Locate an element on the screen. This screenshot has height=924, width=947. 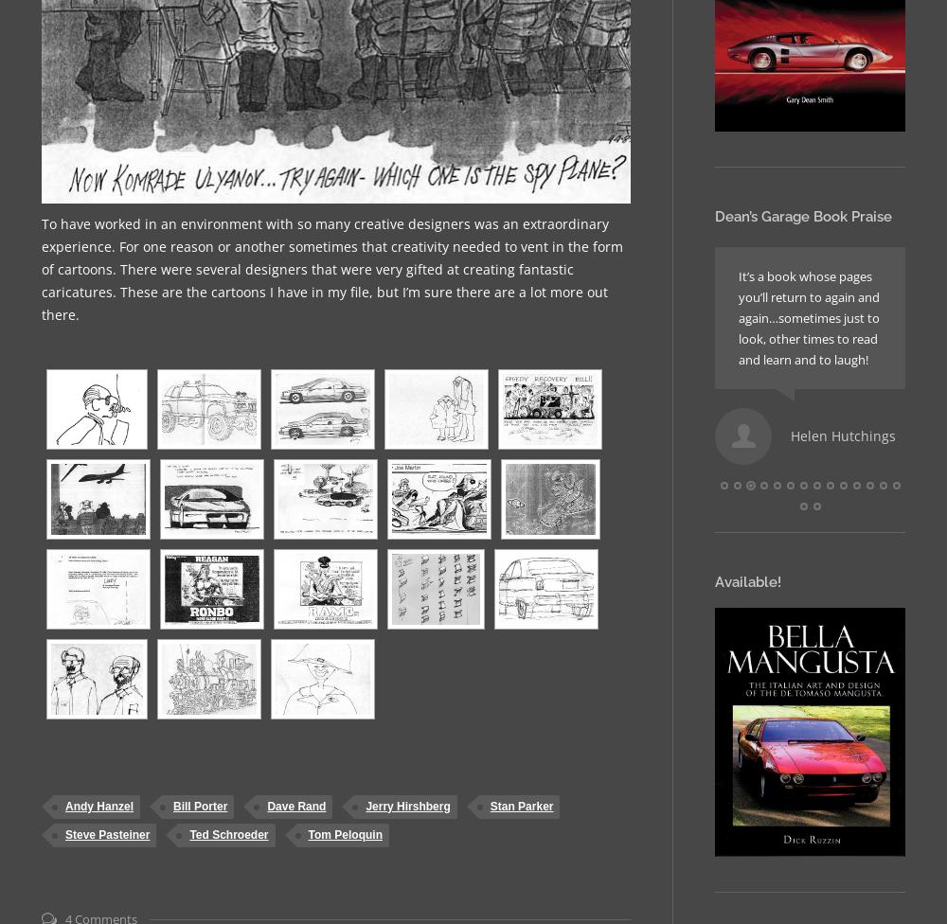
'Dave Rand' is located at coordinates (295, 807).